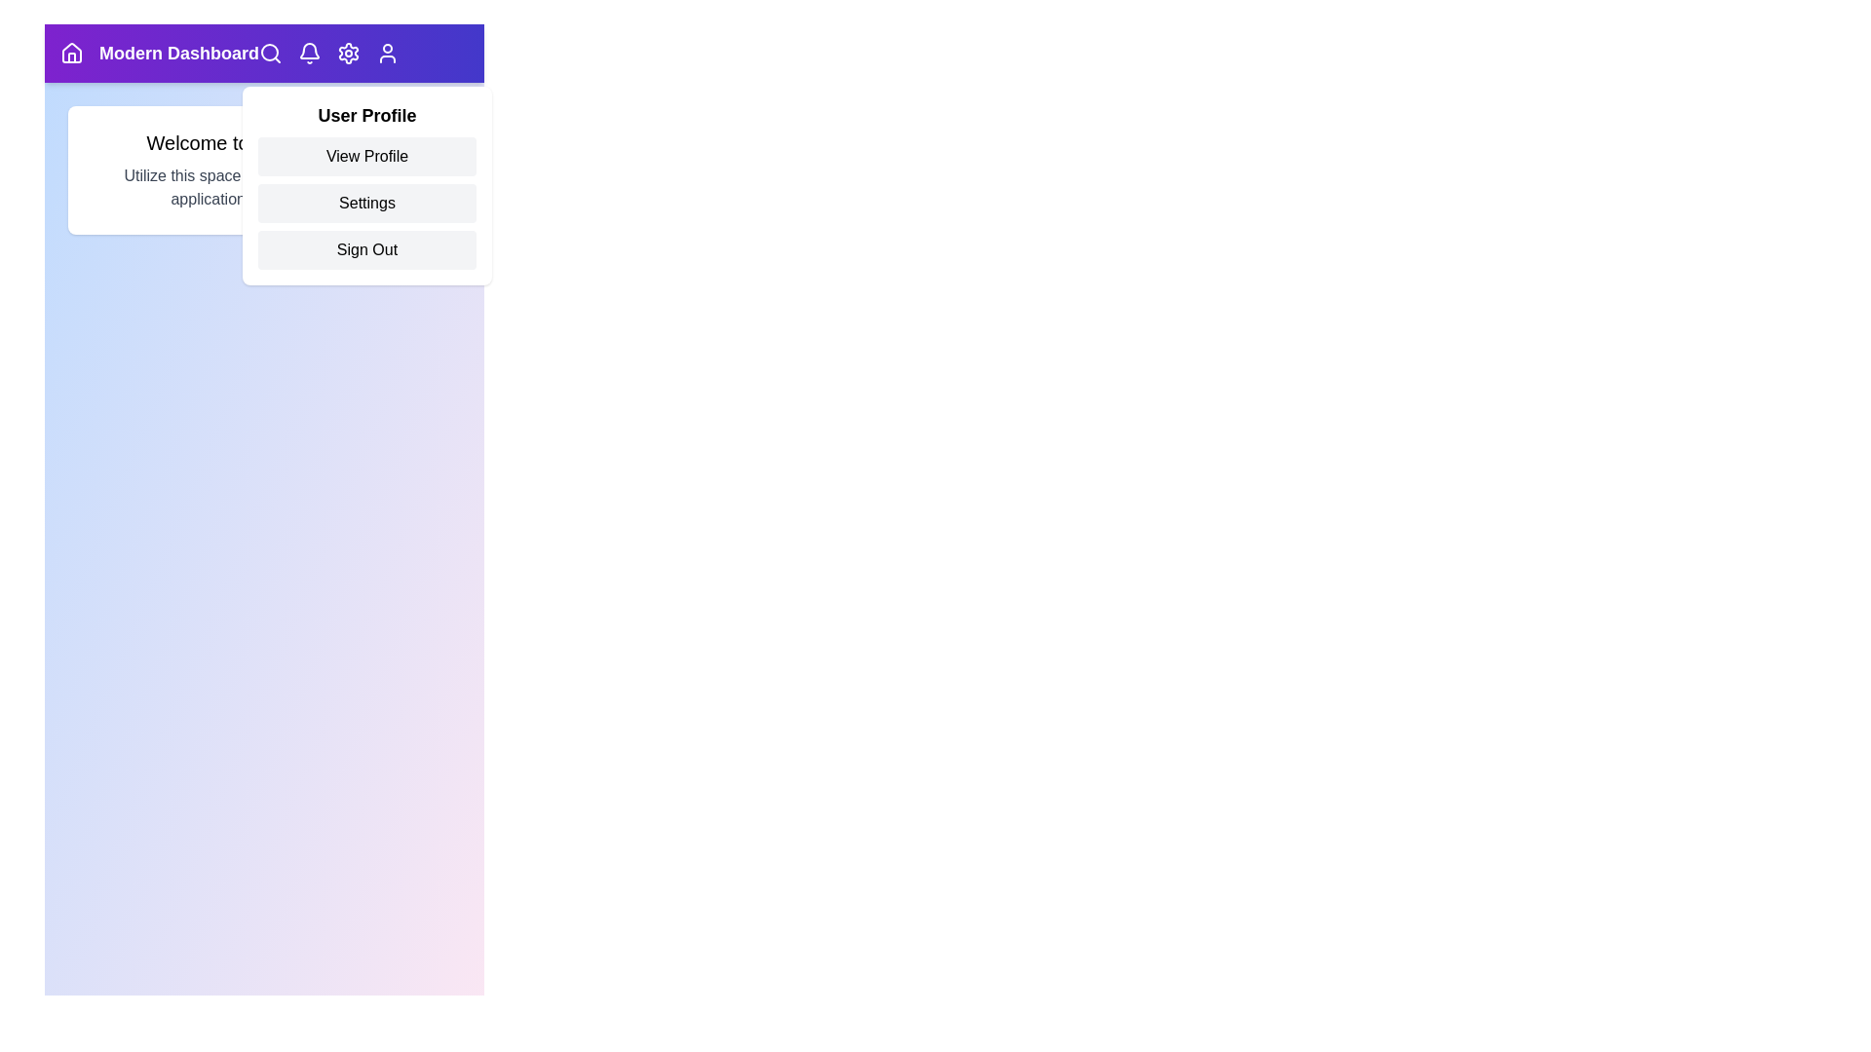 This screenshot has height=1052, width=1871. Describe the element at coordinates (367, 249) in the screenshot. I see `the 'Sign Out' option in the user profile menu` at that location.